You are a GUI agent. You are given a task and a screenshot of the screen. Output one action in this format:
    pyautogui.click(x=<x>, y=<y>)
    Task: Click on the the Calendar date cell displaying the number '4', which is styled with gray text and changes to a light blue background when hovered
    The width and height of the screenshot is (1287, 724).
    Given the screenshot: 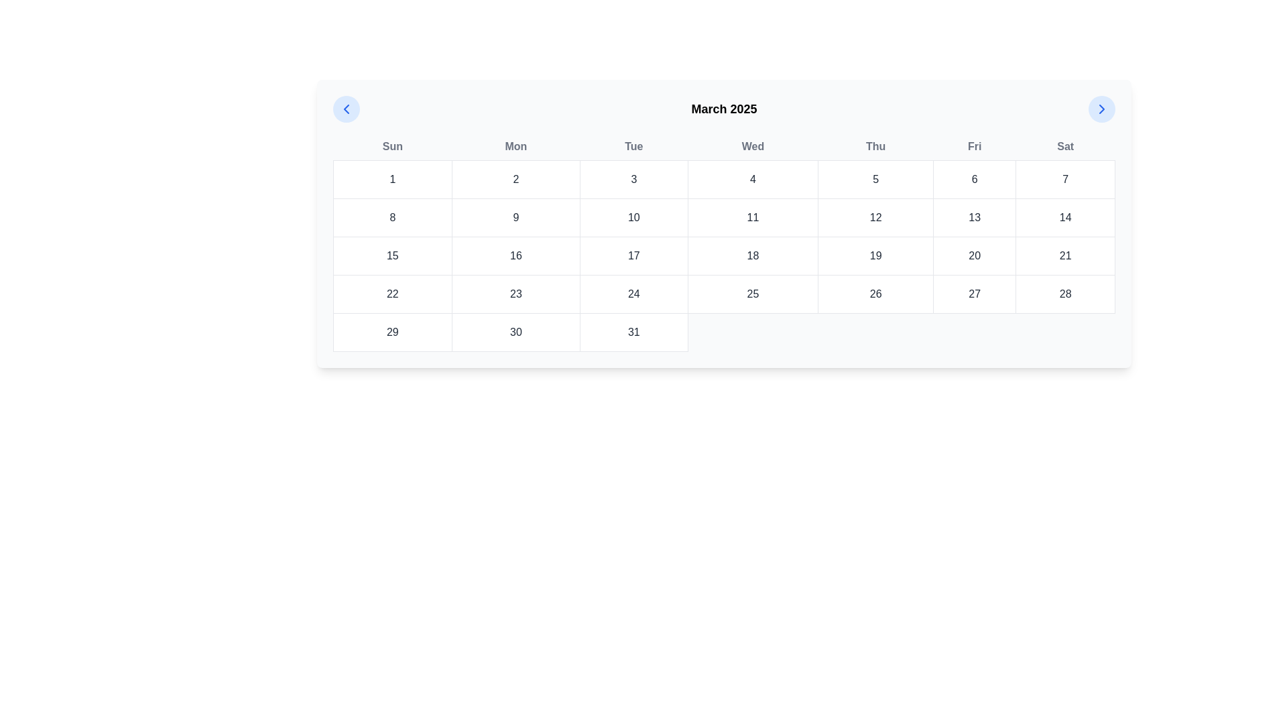 What is the action you would take?
    pyautogui.click(x=753, y=178)
    